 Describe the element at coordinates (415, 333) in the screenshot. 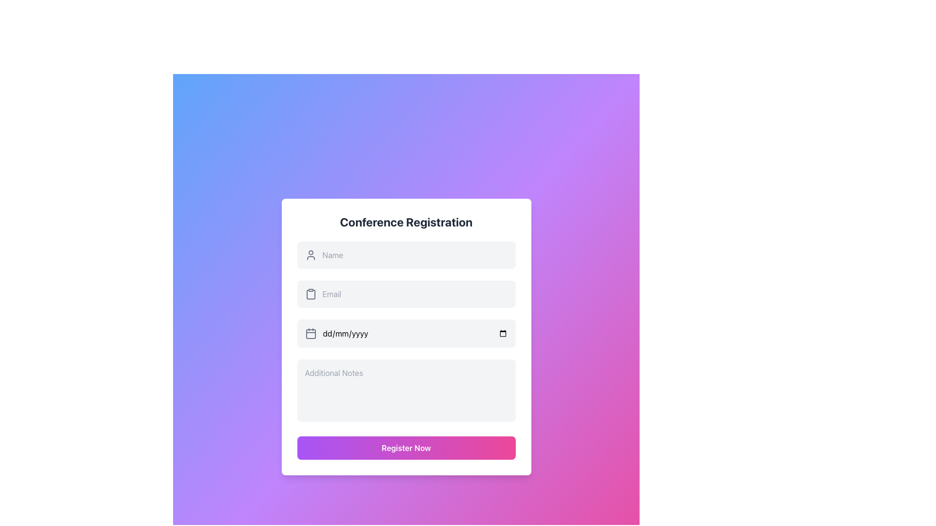

I see `a date from the calendar pop-up by clicking on the date input field, which is the third field in the 'Conference Registration' form, located between the 'Email' input and 'Additional Notes' fields` at that location.